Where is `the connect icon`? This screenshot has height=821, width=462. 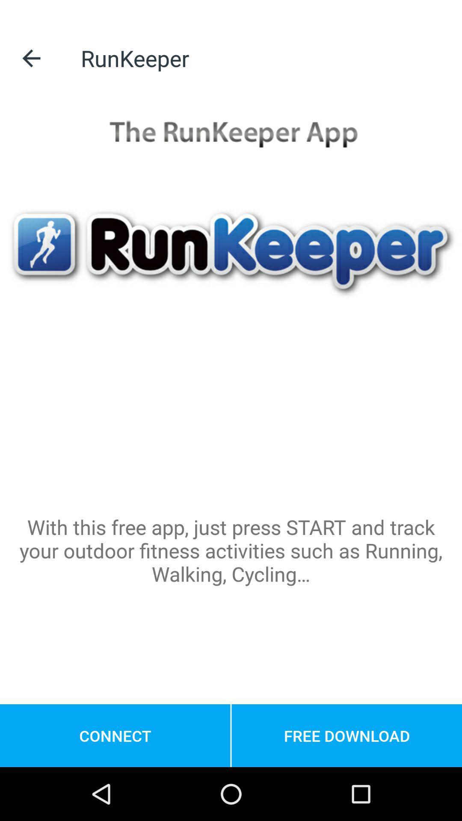 the connect icon is located at coordinates (115, 735).